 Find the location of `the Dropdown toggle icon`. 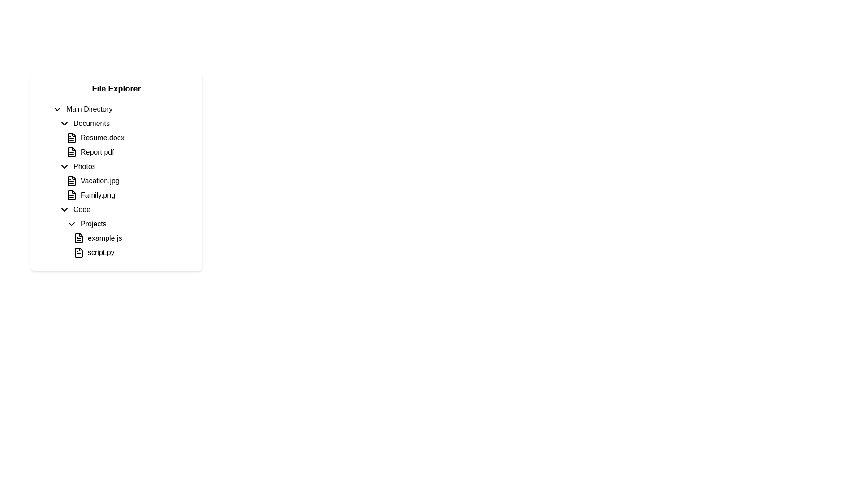

the Dropdown toggle icon is located at coordinates (71, 224).